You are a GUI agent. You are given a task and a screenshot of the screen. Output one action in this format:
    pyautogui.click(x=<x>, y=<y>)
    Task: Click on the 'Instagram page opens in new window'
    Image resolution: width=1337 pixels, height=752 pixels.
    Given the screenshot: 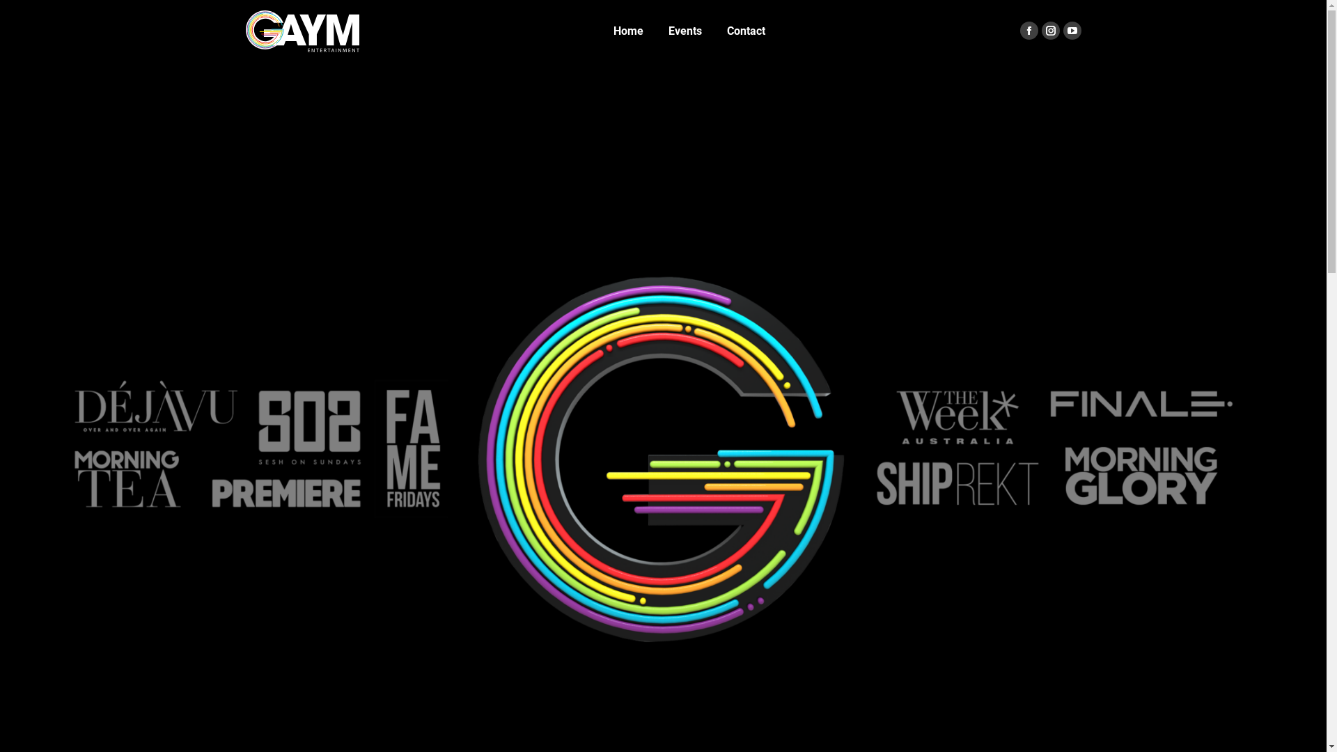 What is the action you would take?
    pyautogui.click(x=1050, y=30)
    